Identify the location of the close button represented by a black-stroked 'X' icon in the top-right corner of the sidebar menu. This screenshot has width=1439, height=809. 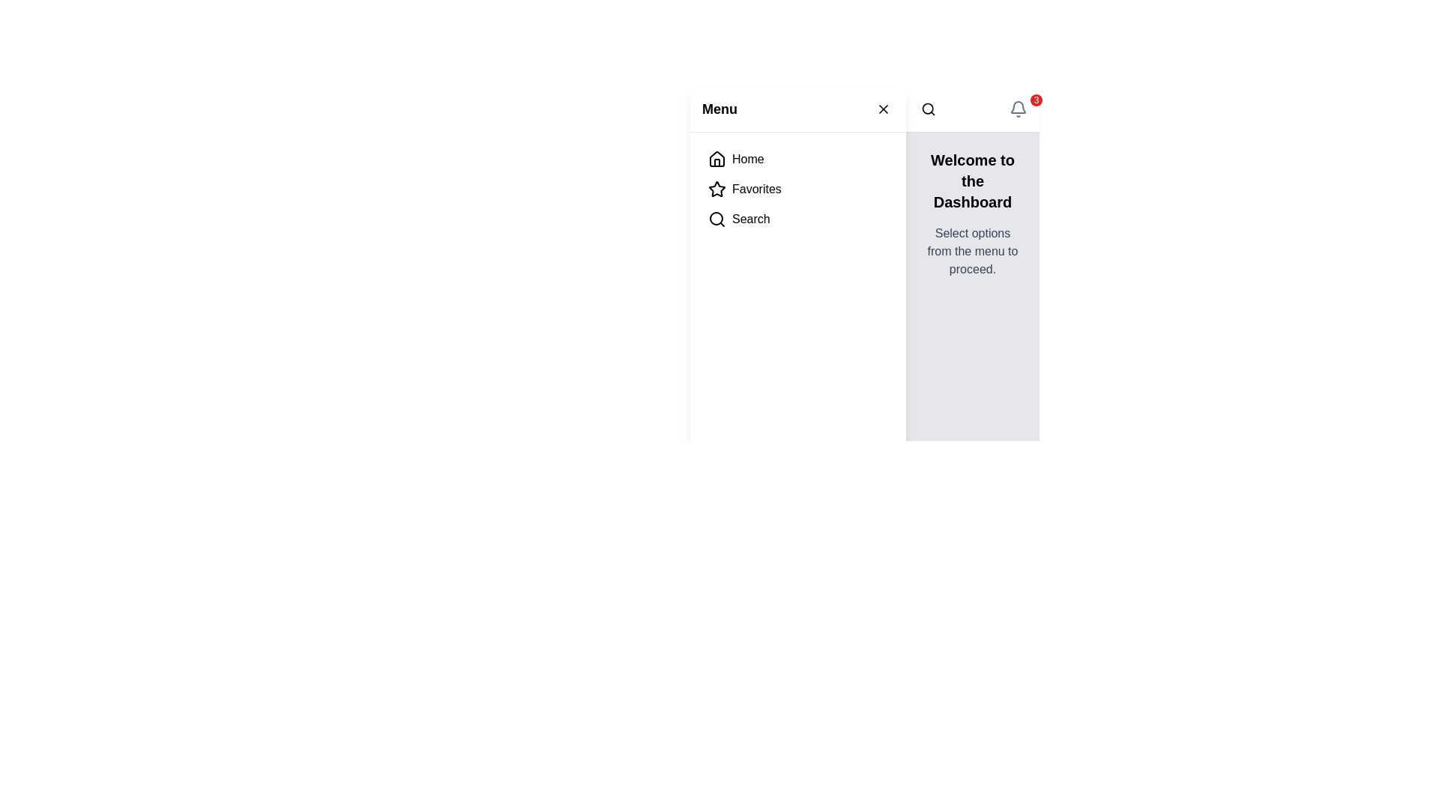
(884, 109).